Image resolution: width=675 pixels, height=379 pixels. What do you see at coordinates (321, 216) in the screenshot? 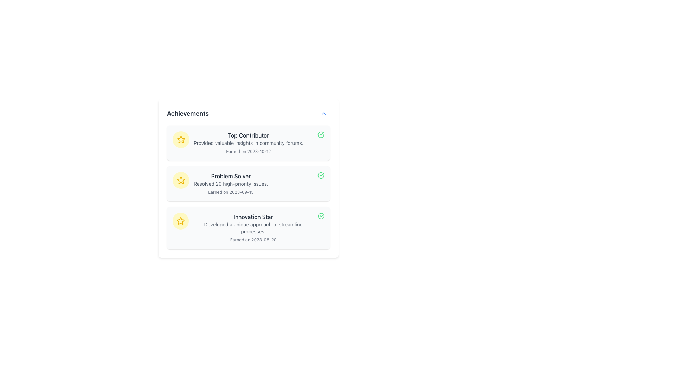
I see `the status indicated by the circular green checkmark icon located at the far right of the bottom-most list item under the 'Achievements' section titled 'Innovation Star.'` at bounding box center [321, 216].